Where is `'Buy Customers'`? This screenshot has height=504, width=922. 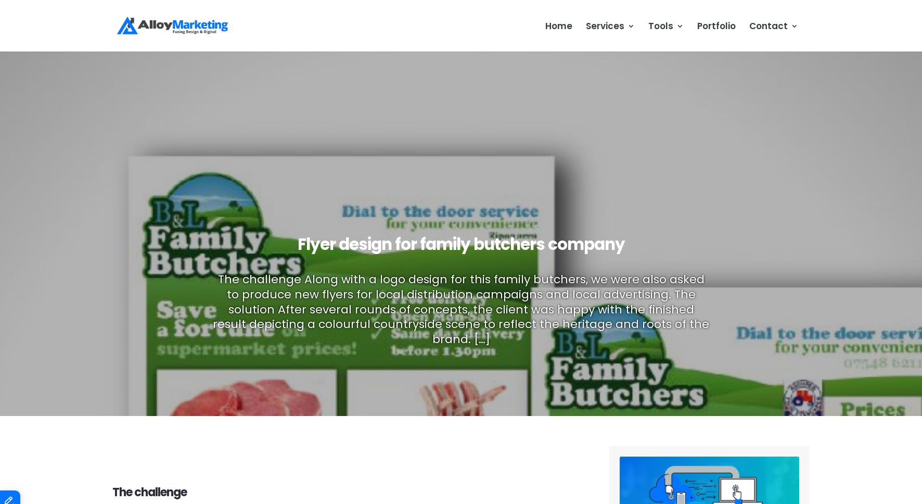
'Buy Customers' is located at coordinates (492, 75).